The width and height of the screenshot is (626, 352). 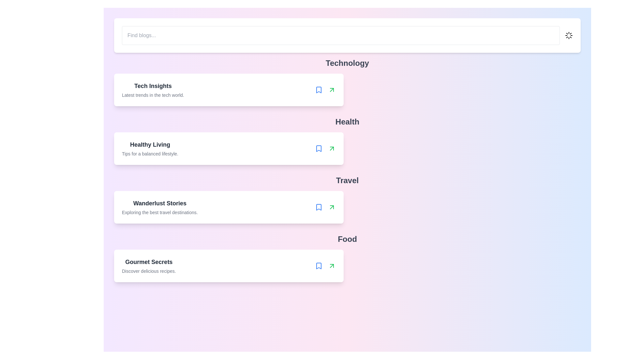 What do you see at coordinates (325, 207) in the screenshot?
I see `the green arrow icon located at the bottom-right corner of the 'Wanderlust Stories' card in the 'Travel' section` at bounding box center [325, 207].